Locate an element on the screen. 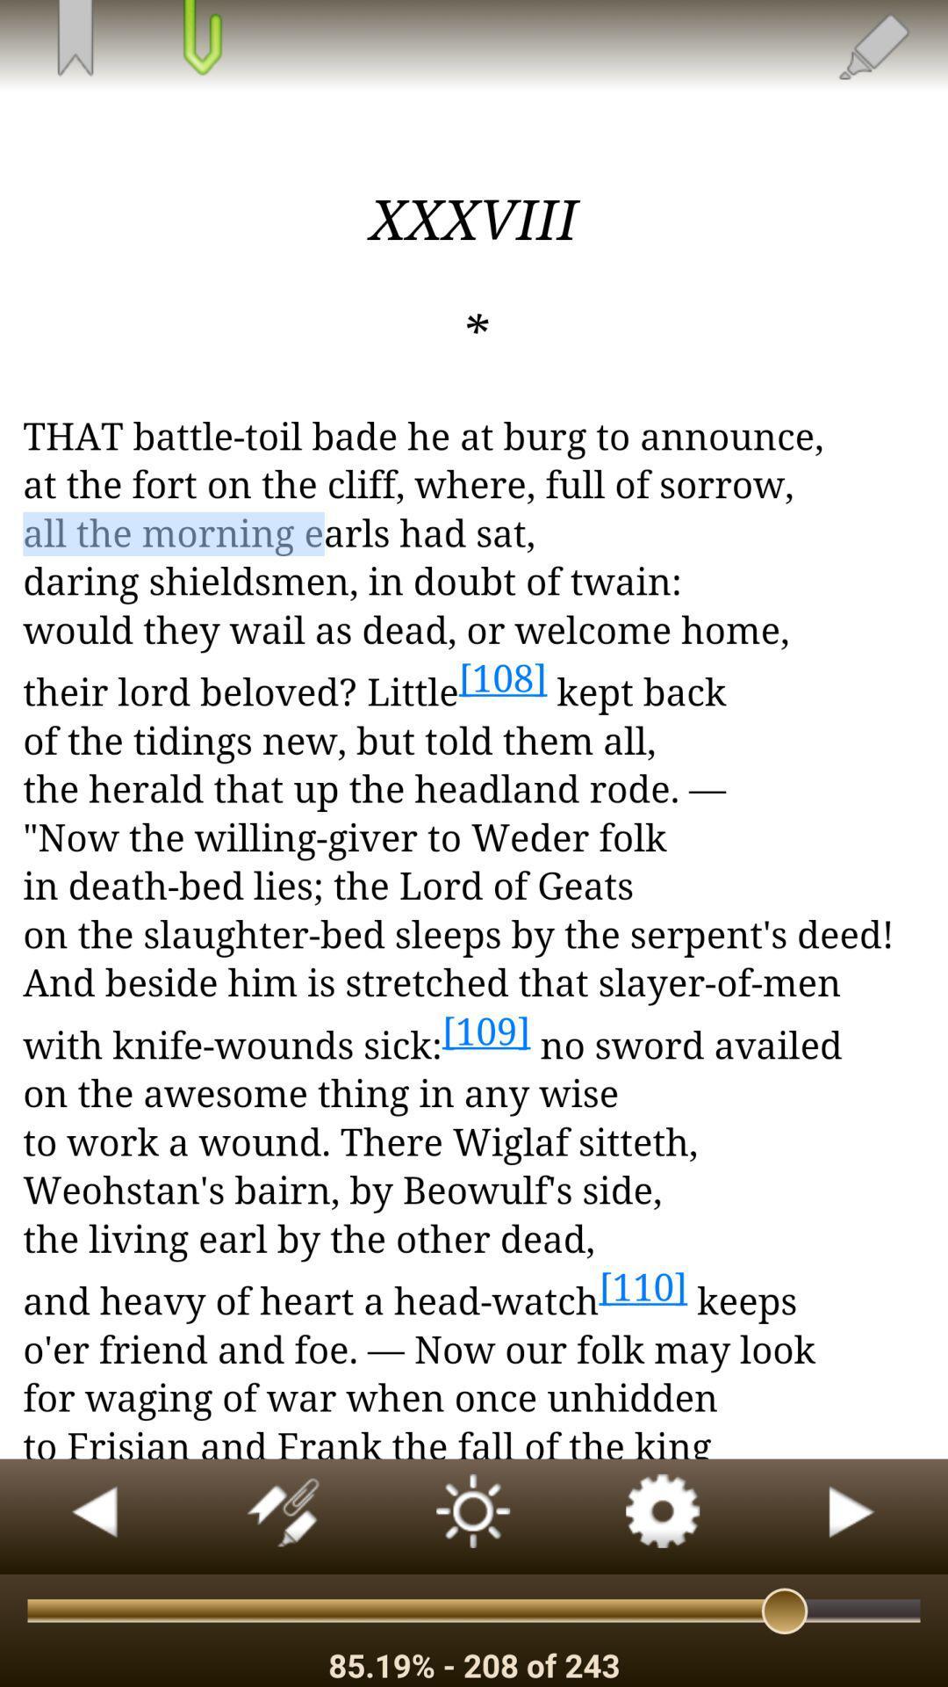 The image size is (948, 1687). the edit icon is located at coordinates (873, 46).